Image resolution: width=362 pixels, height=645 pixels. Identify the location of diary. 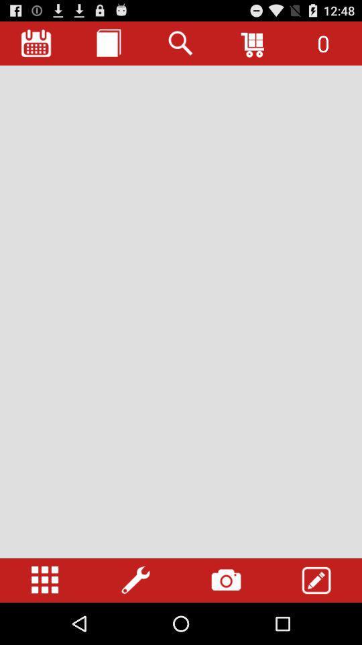
(108, 43).